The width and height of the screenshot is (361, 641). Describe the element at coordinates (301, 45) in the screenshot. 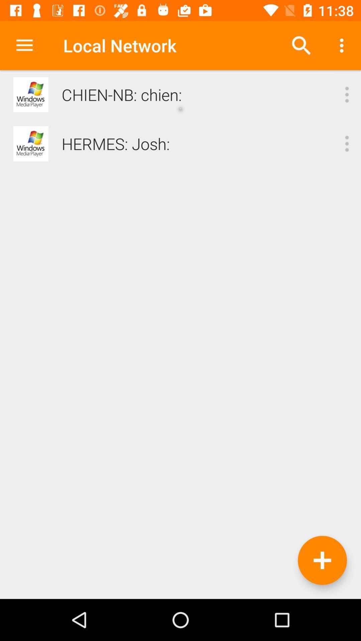

I see `app to the right of local network` at that location.